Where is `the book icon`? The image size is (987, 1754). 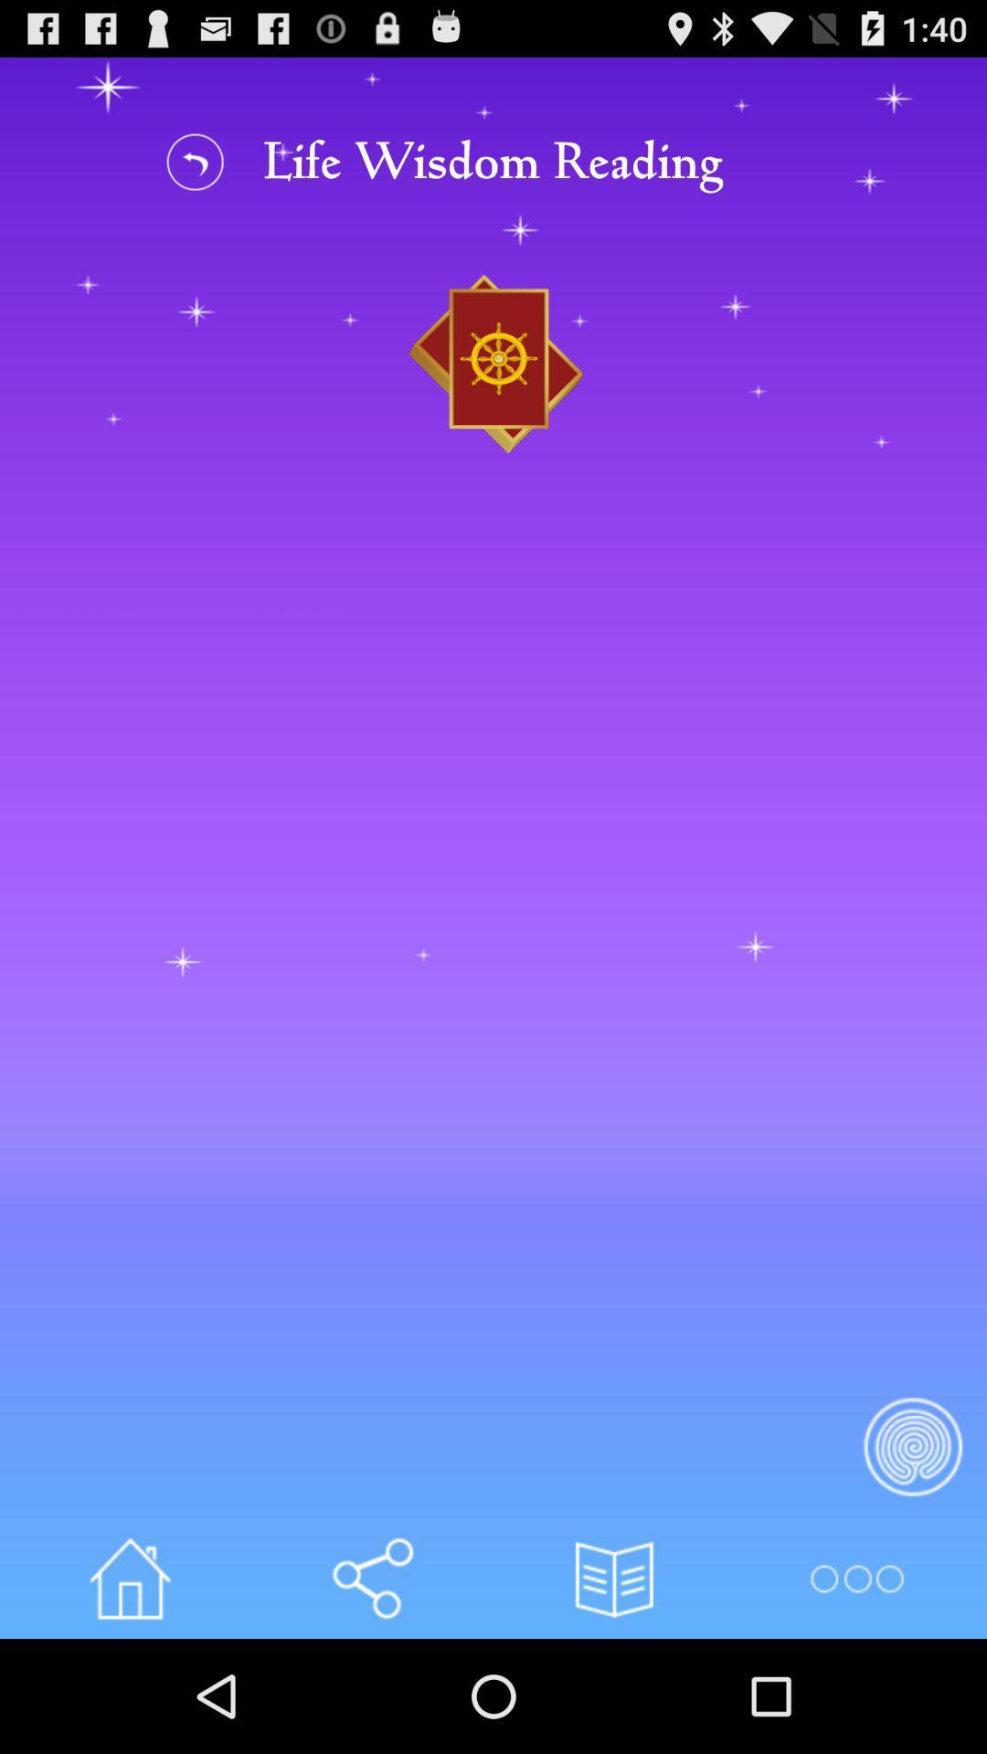
the book icon is located at coordinates (614, 1688).